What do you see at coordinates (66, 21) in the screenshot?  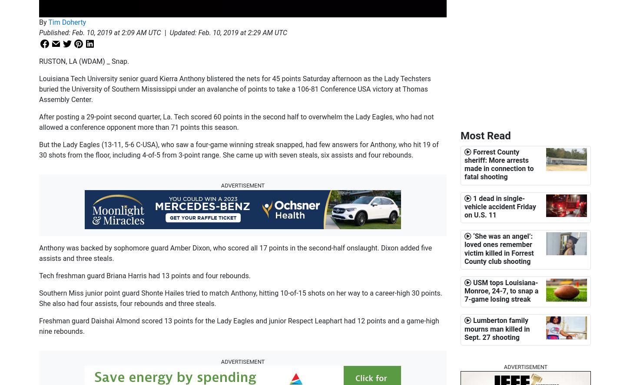 I see `'Tim Doherty'` at bounding box center [66, 21].